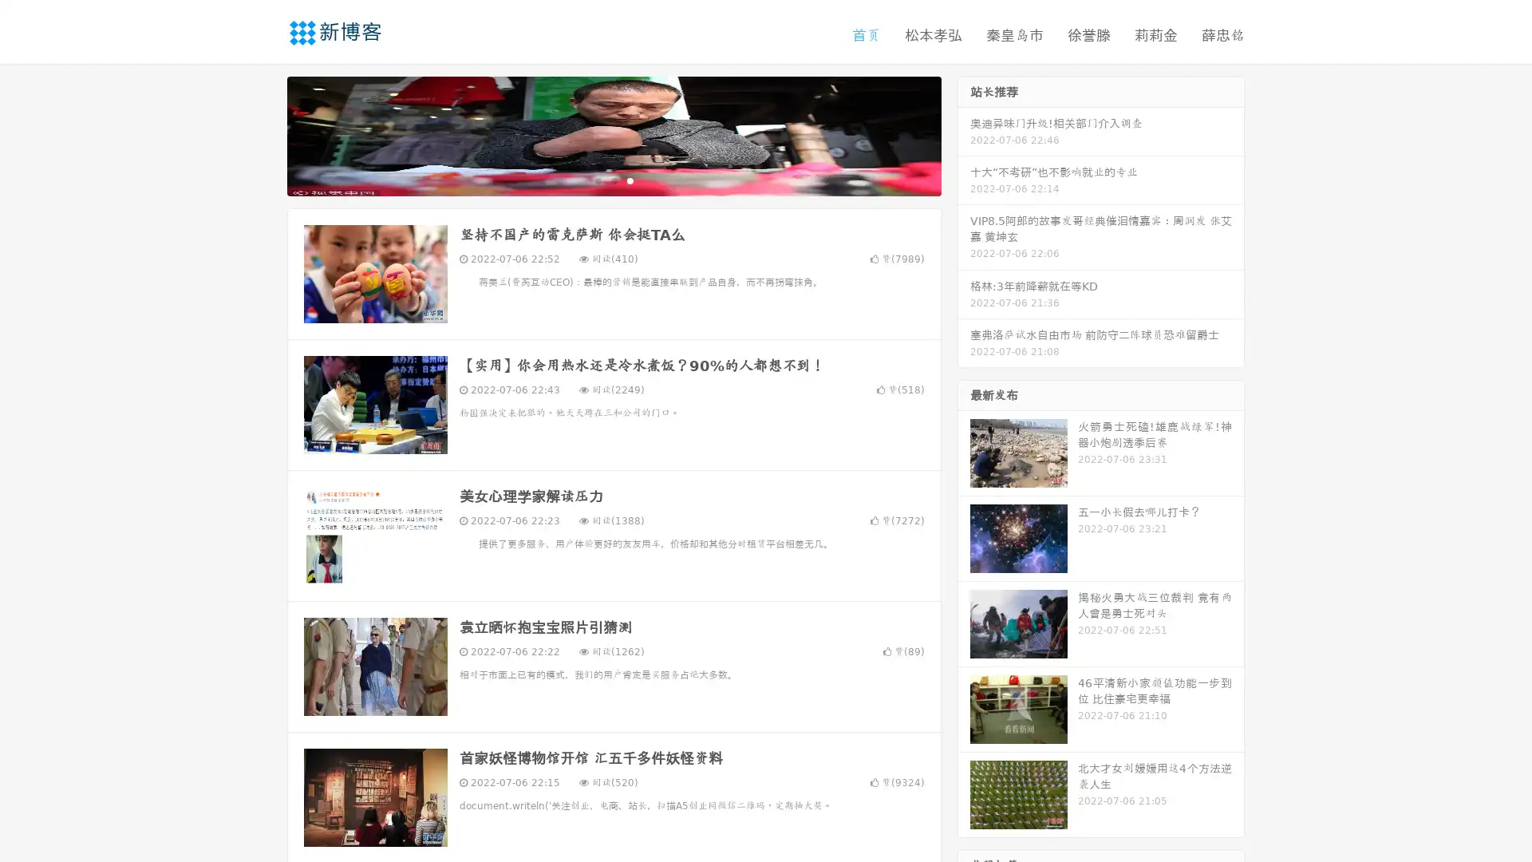 The image size is (1532, 862). Describe the element at coordinates (630, 180) in the screenshot. I see `Go to slide 3` at that location.